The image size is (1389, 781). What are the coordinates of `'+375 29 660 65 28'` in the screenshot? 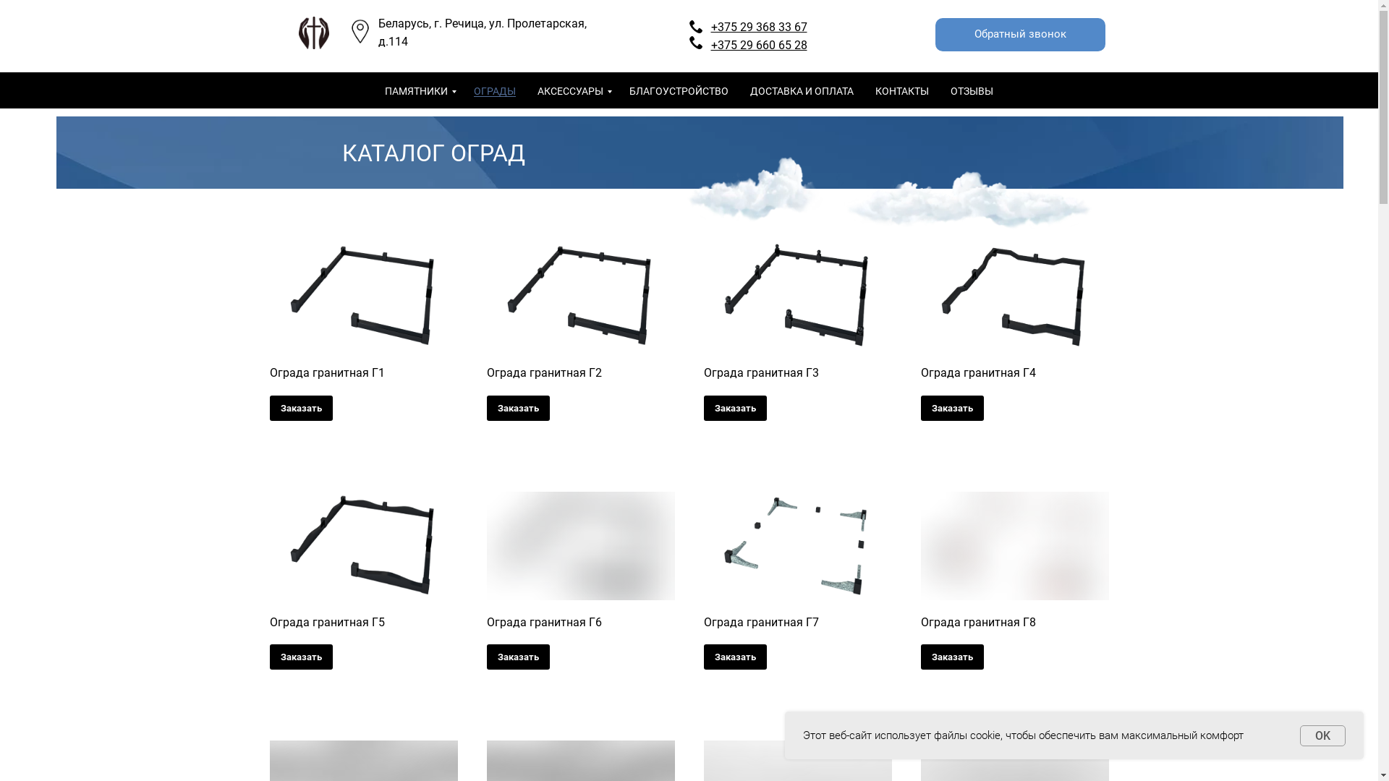 It's located at (757, 44).